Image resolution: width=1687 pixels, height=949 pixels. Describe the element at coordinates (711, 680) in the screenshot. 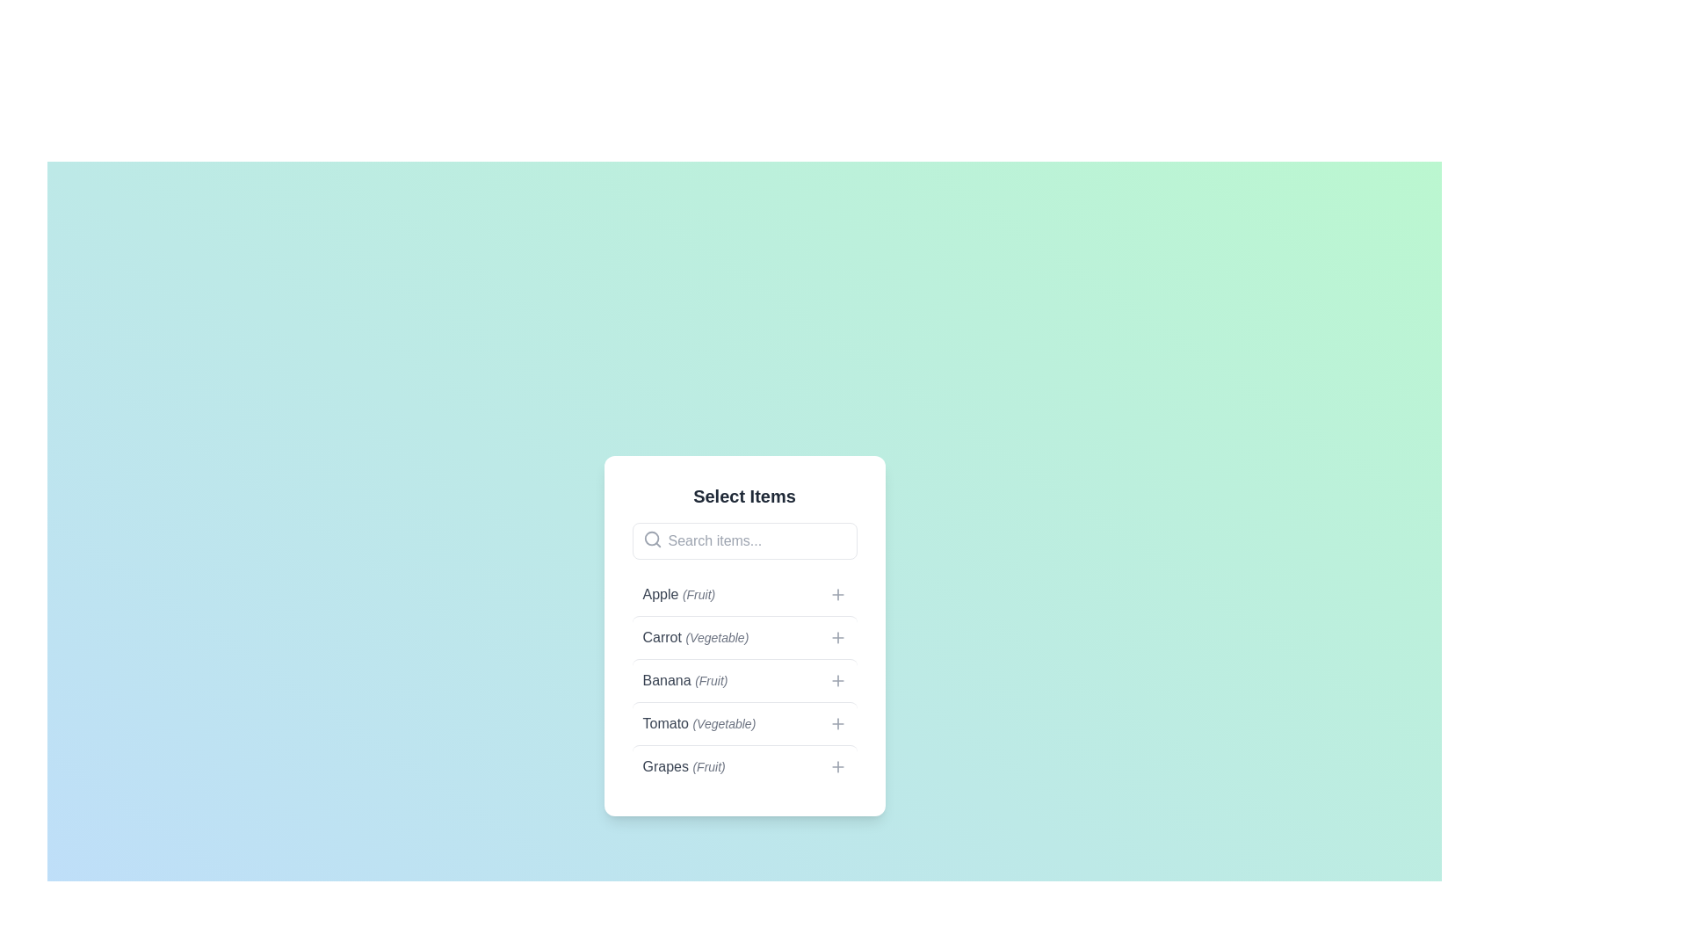

I see `the text label that categorizes the item 'Banana' as 'Fruit', located to the right of 'Banana (Fruit)' in the list of items` at that location.